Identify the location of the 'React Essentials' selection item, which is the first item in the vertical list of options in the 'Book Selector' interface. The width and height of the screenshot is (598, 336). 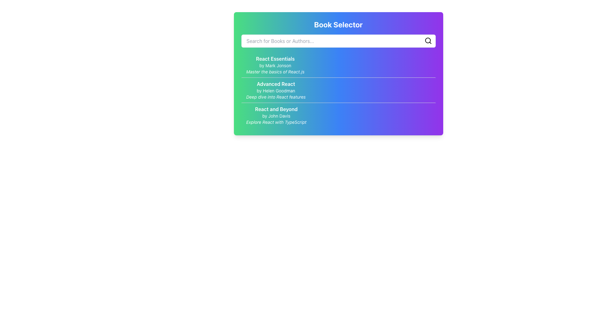
(338, 65).